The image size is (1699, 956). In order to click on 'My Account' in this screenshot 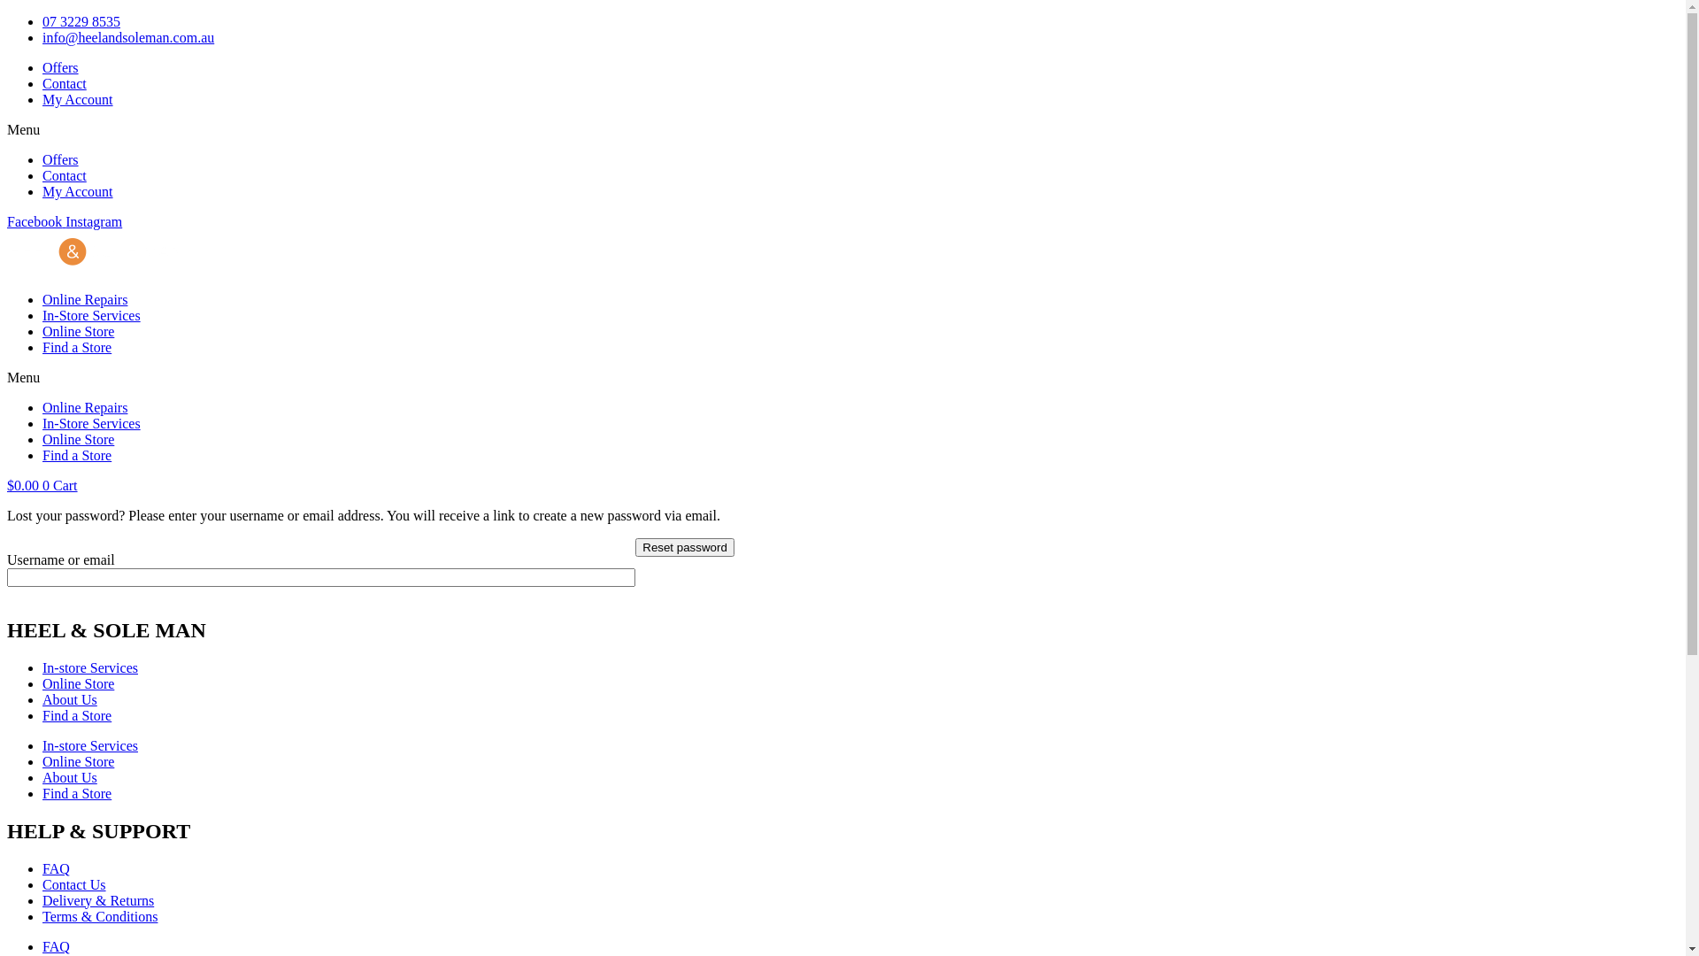, I will do `click(76, 99)`.